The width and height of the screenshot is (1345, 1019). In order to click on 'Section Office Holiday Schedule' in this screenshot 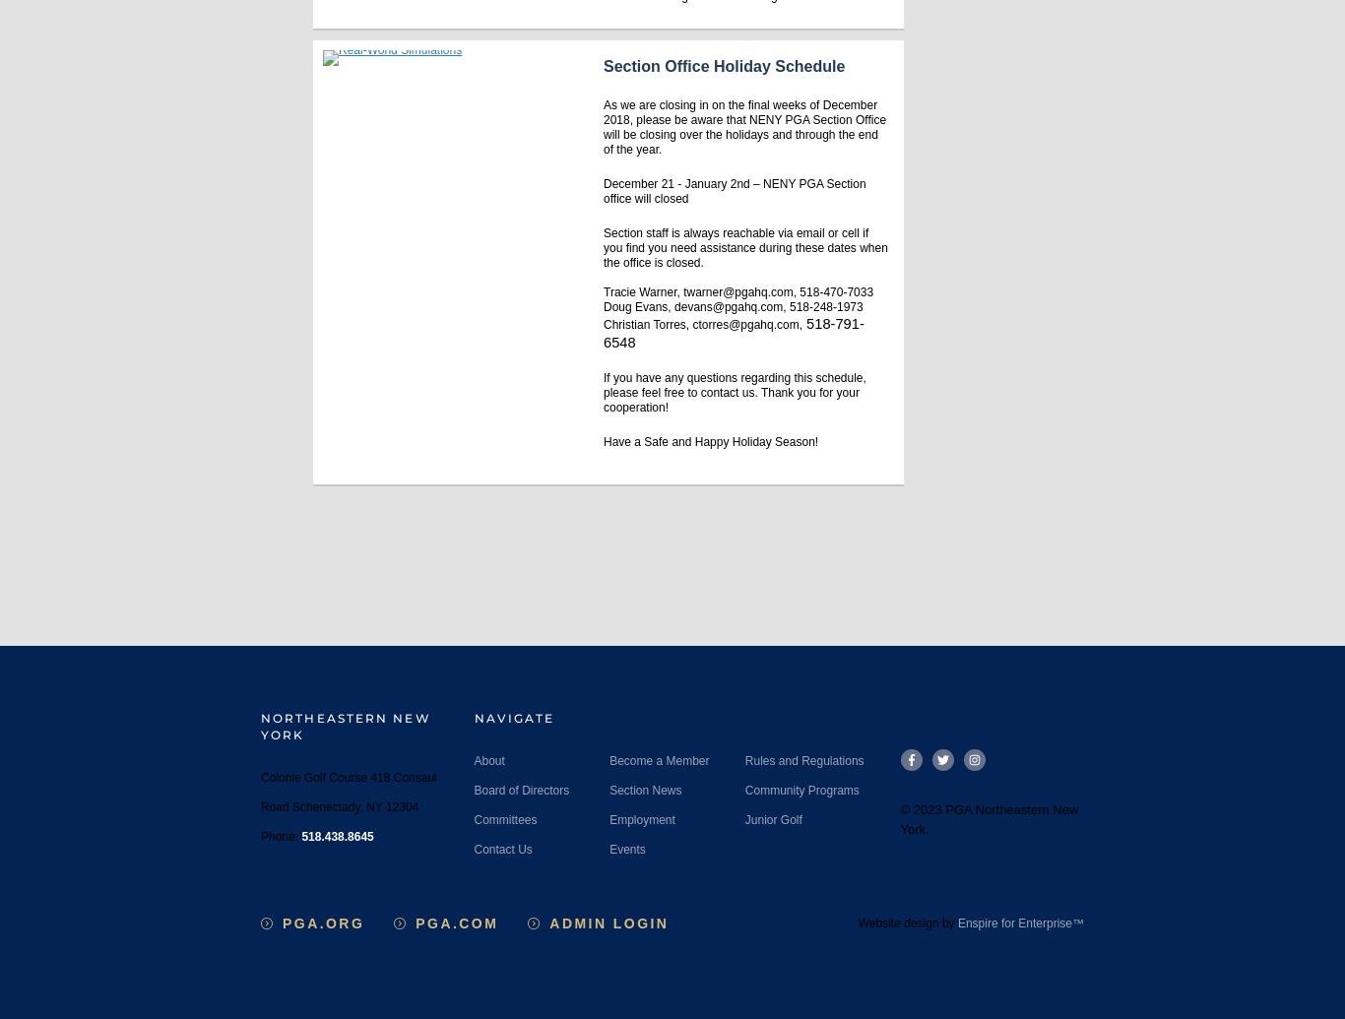, I will do `click(724, 66)`.